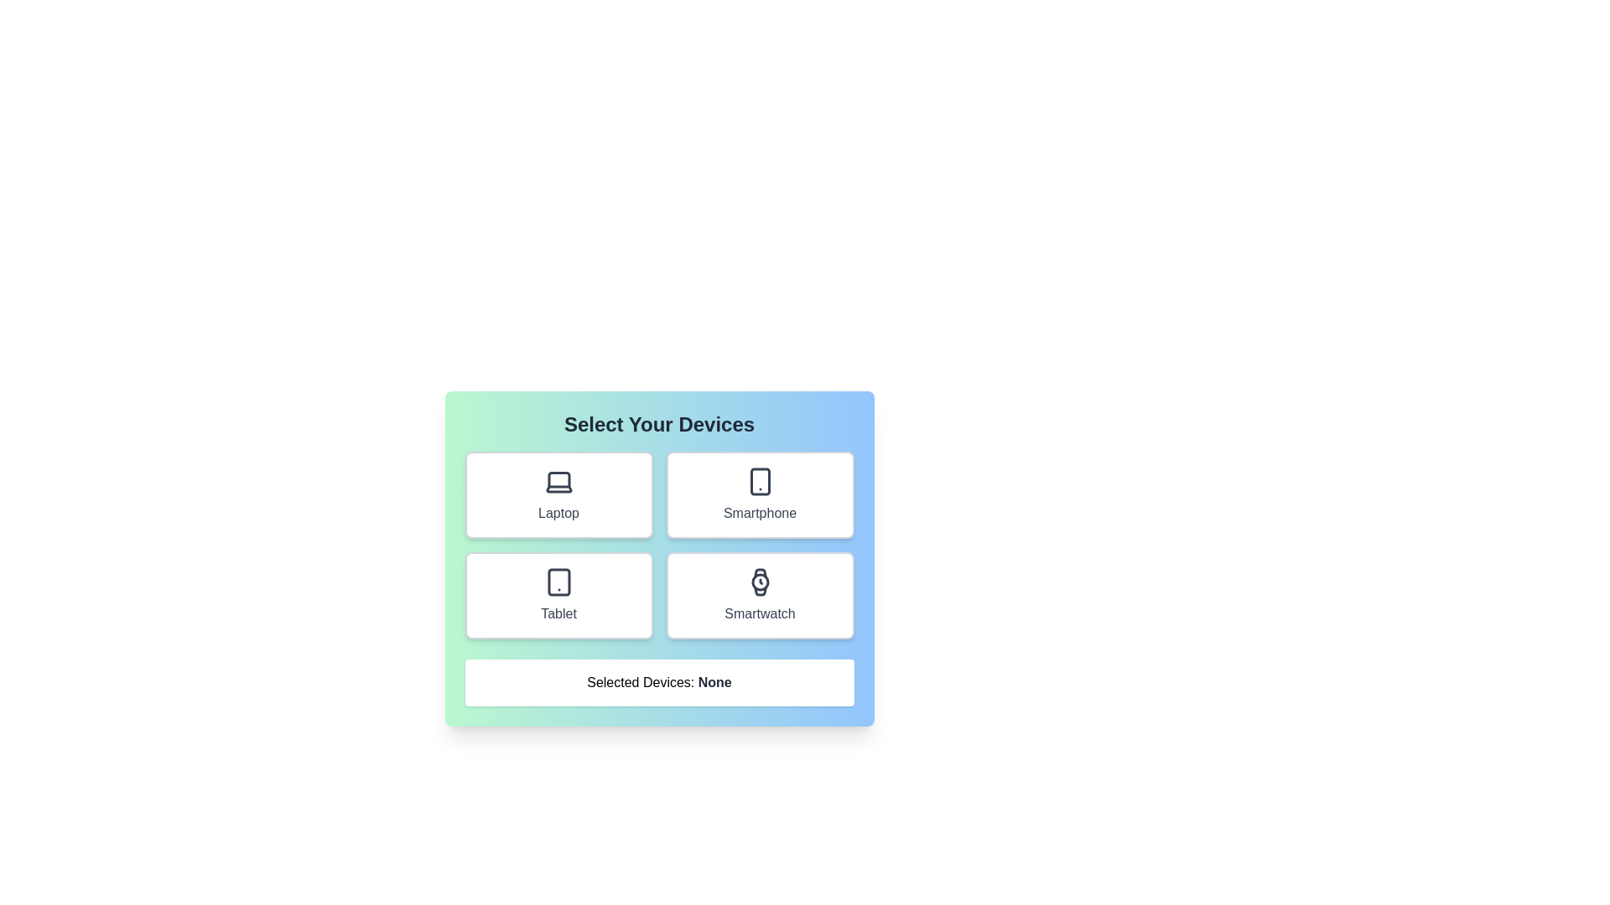  What do you see at coordinates (558, 594) in the screenshot?
I see `the Tablet button to toggle its selection` at bounding box center [558, 594].